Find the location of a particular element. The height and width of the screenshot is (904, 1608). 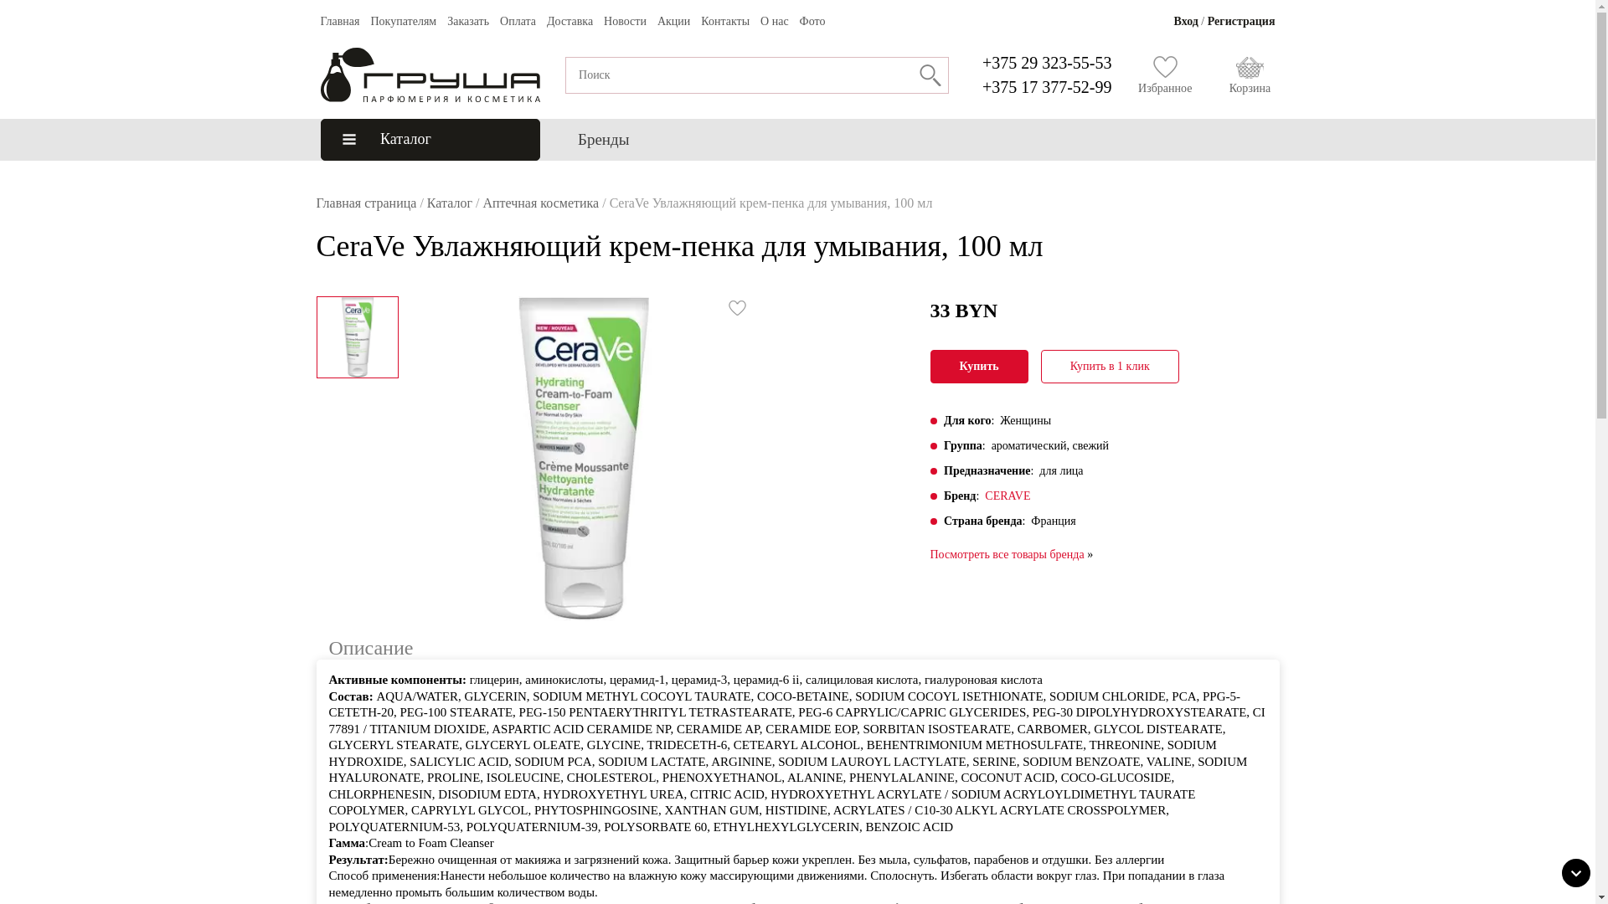

'+375 29 323-55-53' is located at coordinates (982, 61).